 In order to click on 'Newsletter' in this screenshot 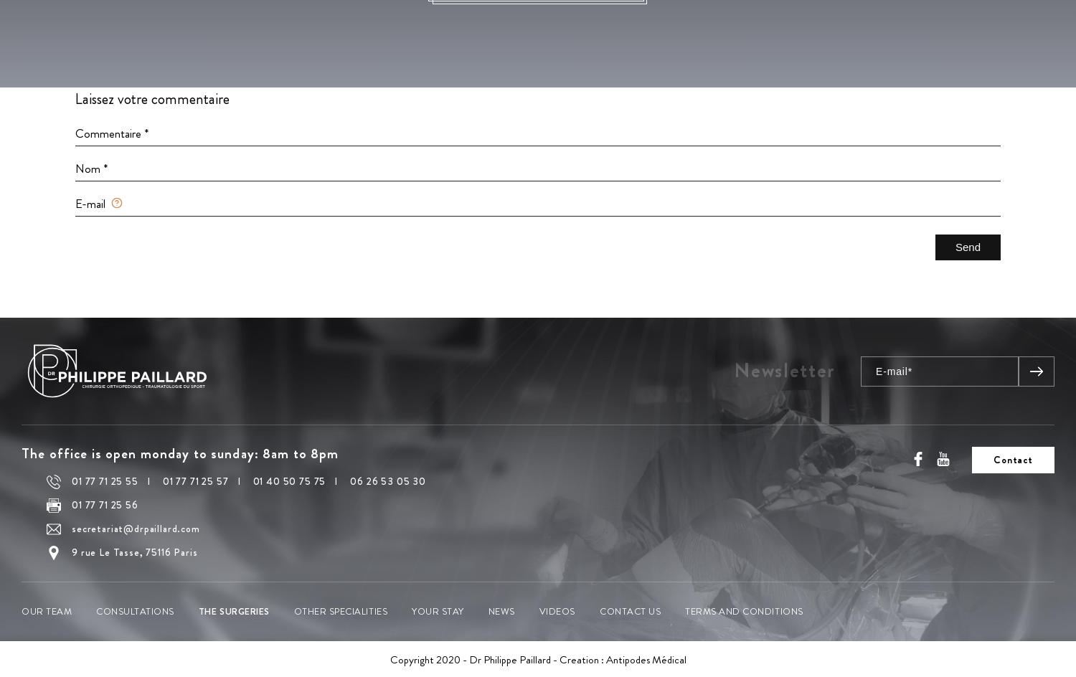, I will do `click(783, 369)`.